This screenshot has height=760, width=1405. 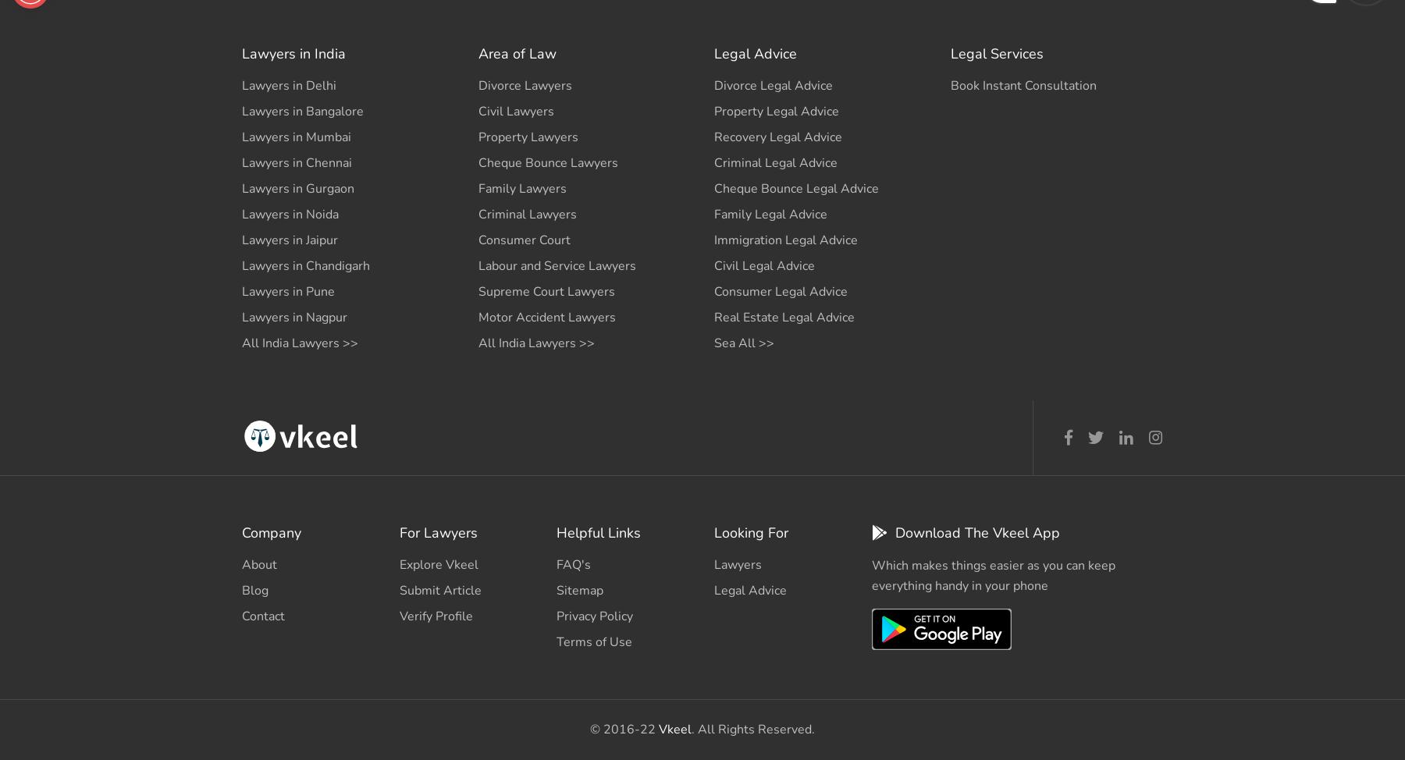 I want to click on 'Looking For', so click(x=749, y=532).